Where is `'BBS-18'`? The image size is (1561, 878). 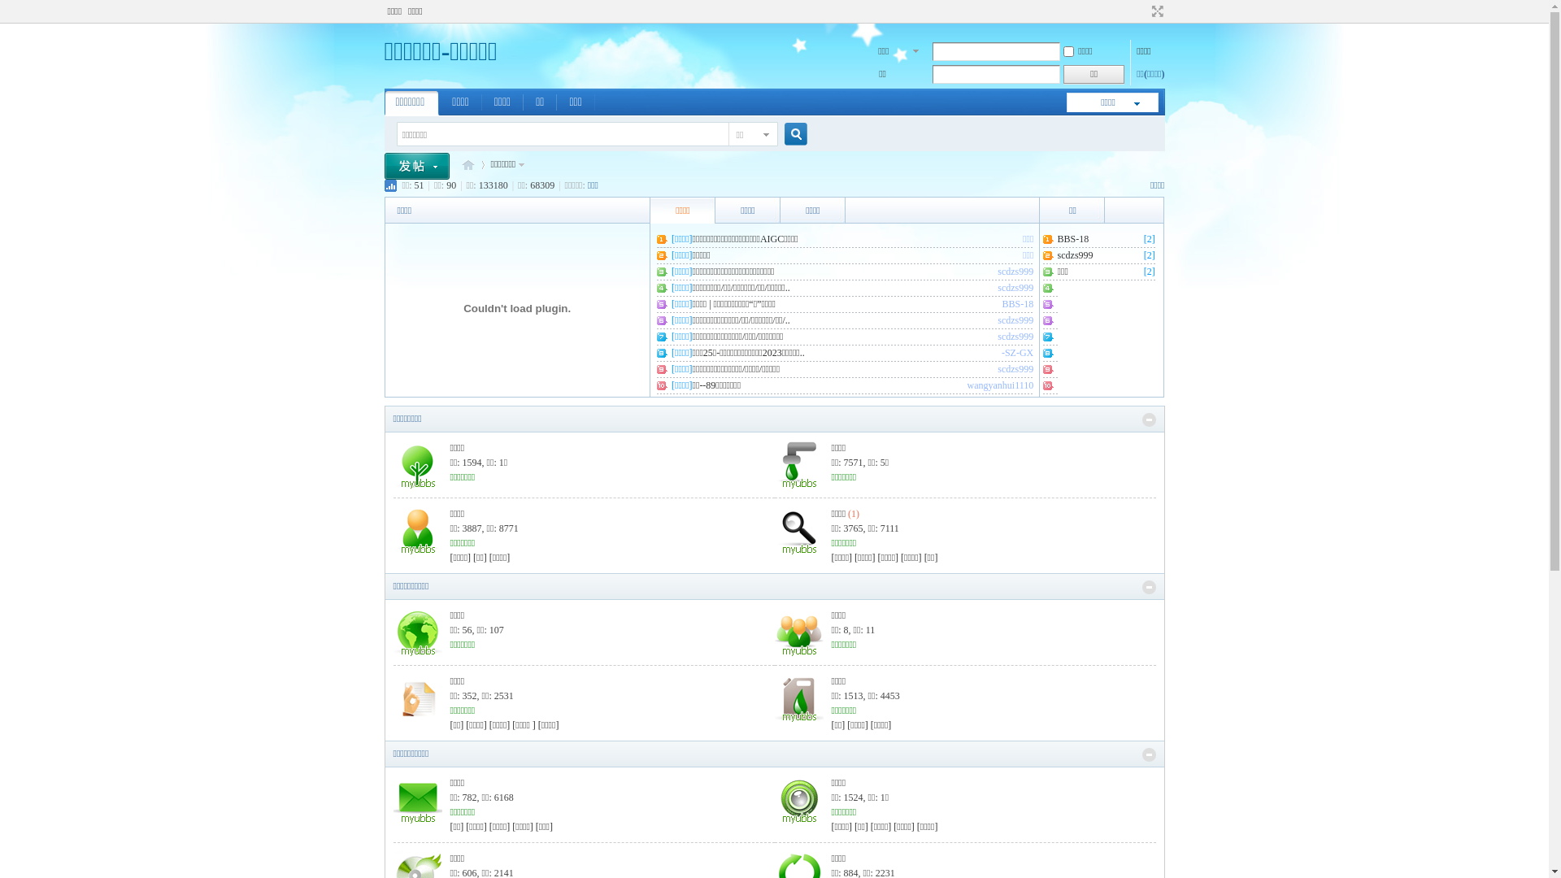
'BBS-18' is located at coordinates (1017, 304).